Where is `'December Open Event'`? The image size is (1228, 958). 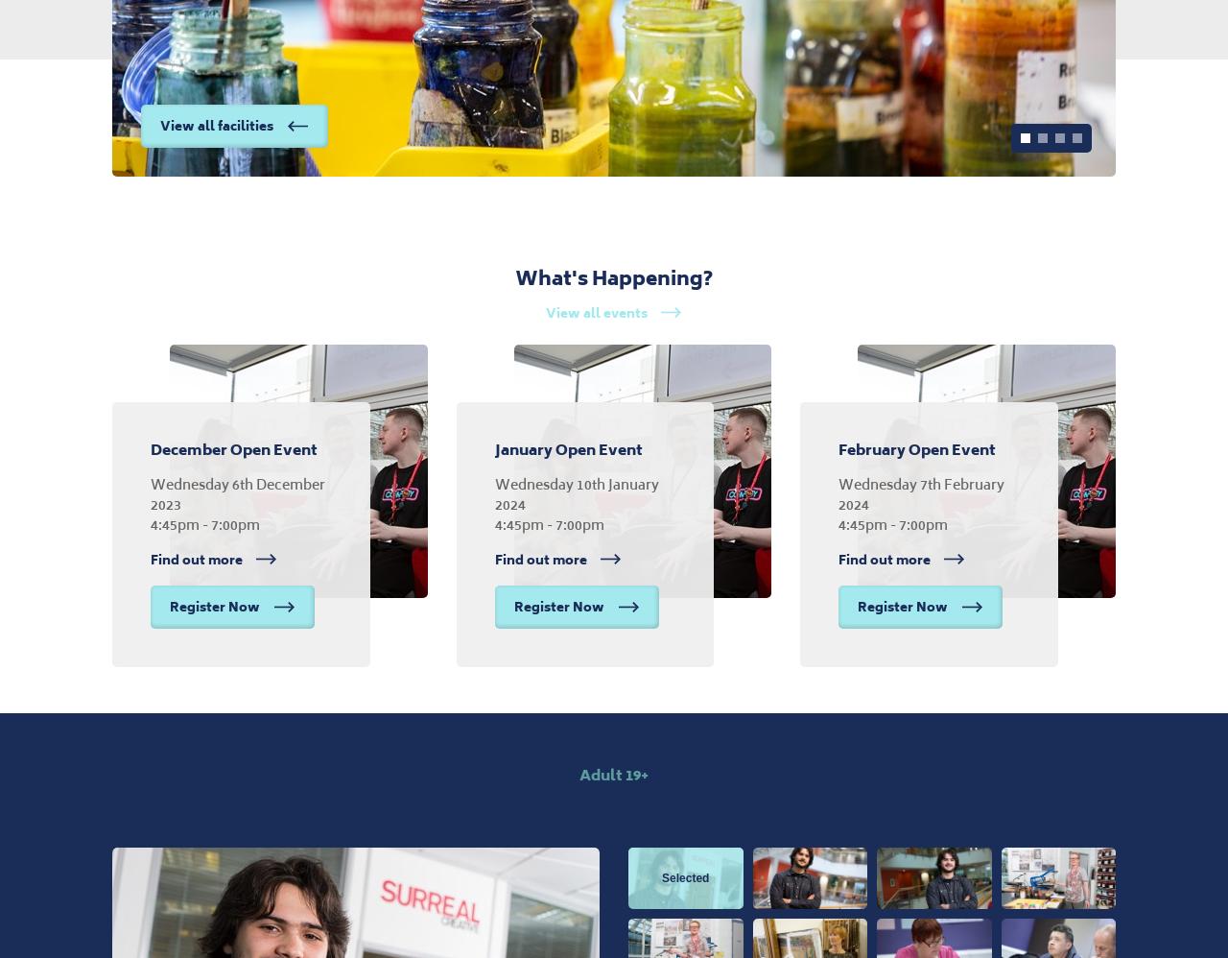 'December Open Event' is located at coordinates (232, 447).